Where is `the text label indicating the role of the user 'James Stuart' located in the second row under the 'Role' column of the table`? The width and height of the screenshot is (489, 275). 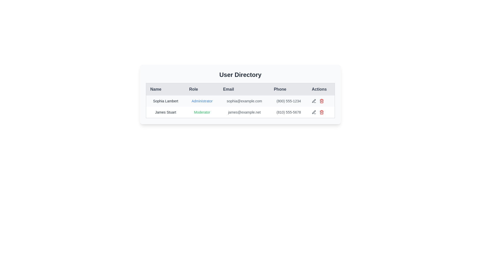 the text label indicating the role of the user 'James Stuart' located in the second row under the 'Role' column of the table is located at coordinates (202, 112).